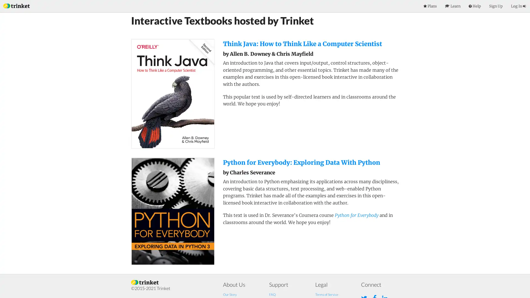  Describe the element at coordinates (16, 5) in the screenshot. I see `Index Page` at that location.